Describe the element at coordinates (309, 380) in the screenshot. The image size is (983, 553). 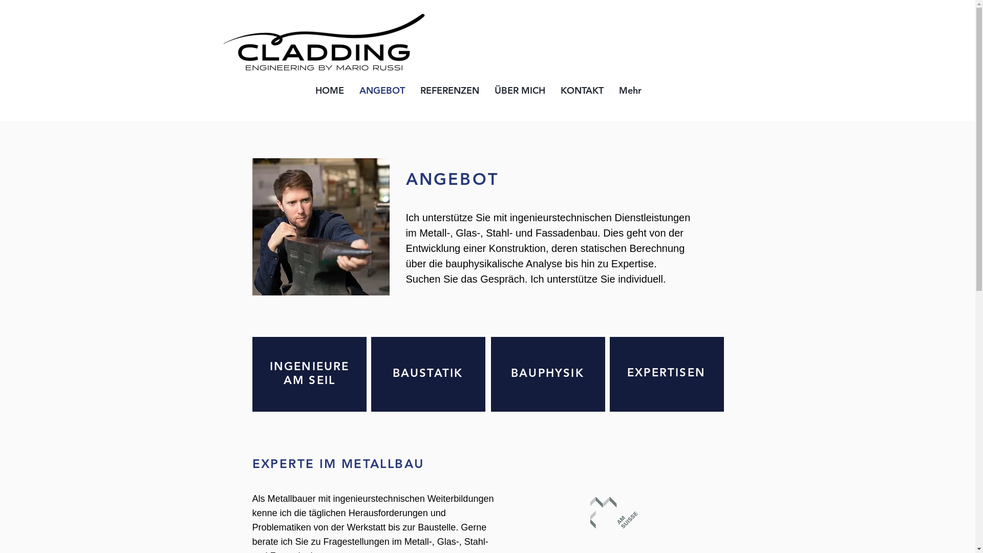
I see `'AM SEIL'` at that location.